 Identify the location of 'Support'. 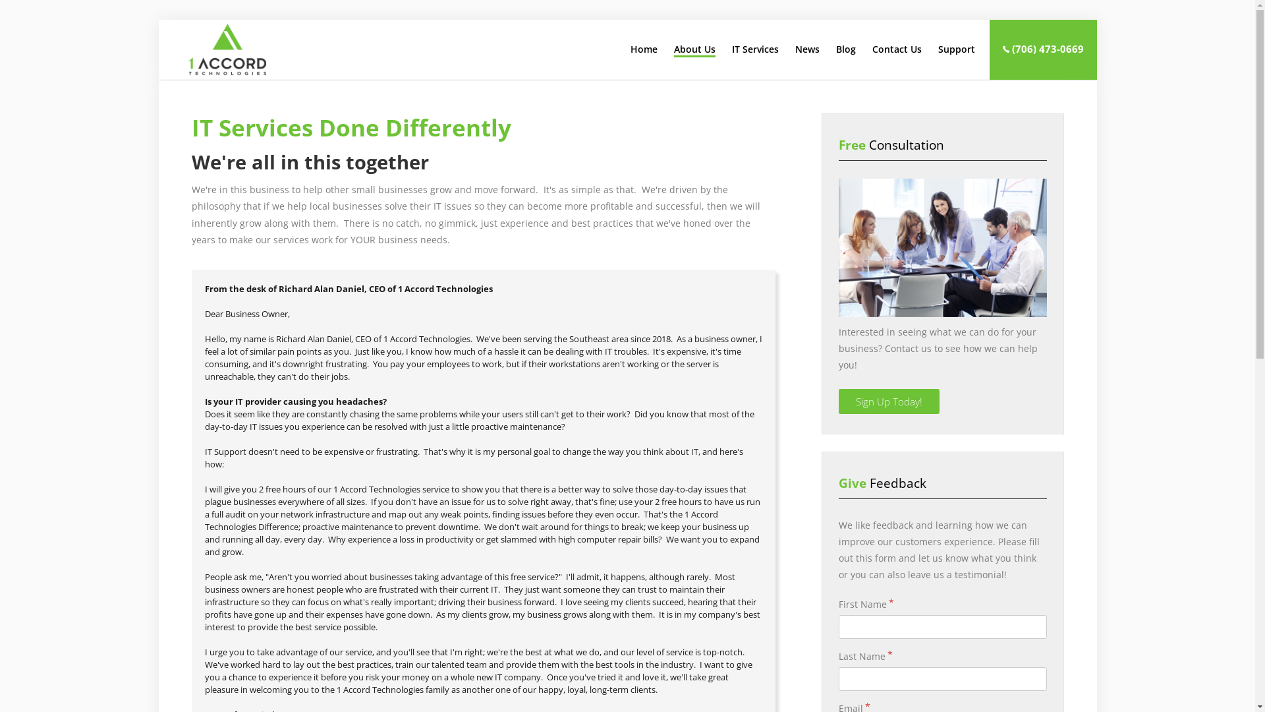
(955, 48).